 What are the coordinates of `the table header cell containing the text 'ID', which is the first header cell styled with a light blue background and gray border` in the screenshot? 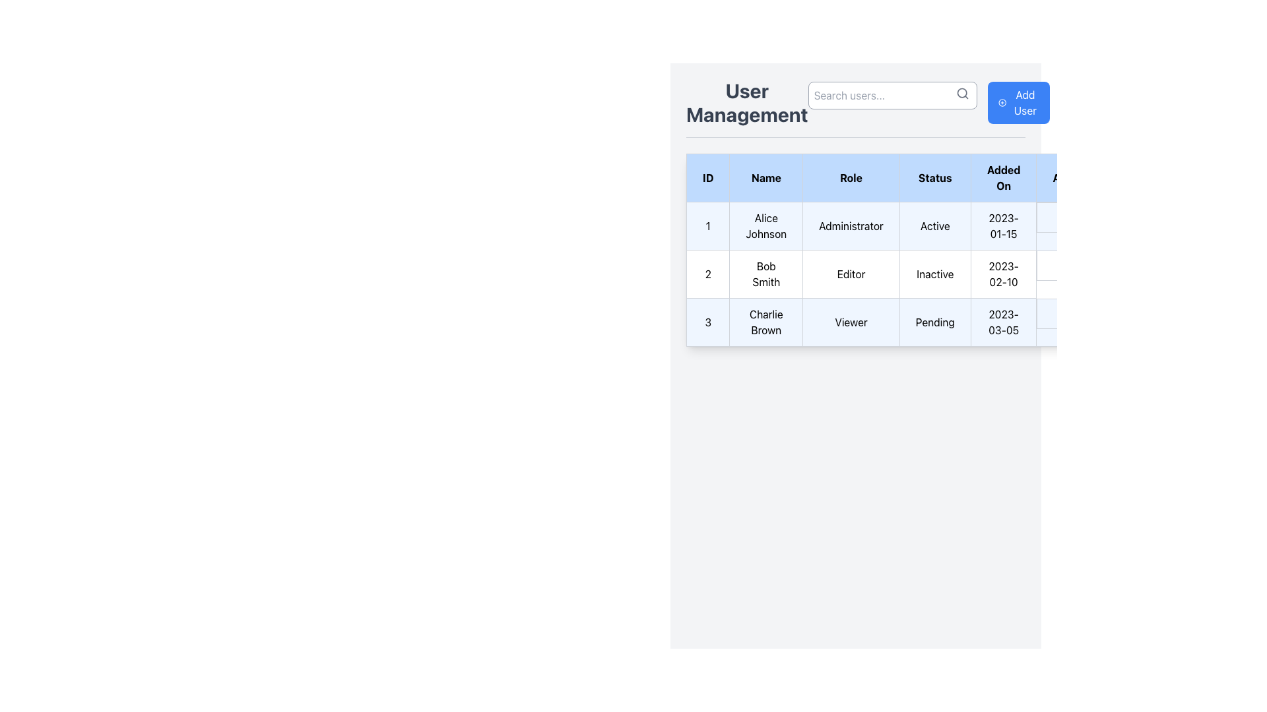 It's located at (707, 178).